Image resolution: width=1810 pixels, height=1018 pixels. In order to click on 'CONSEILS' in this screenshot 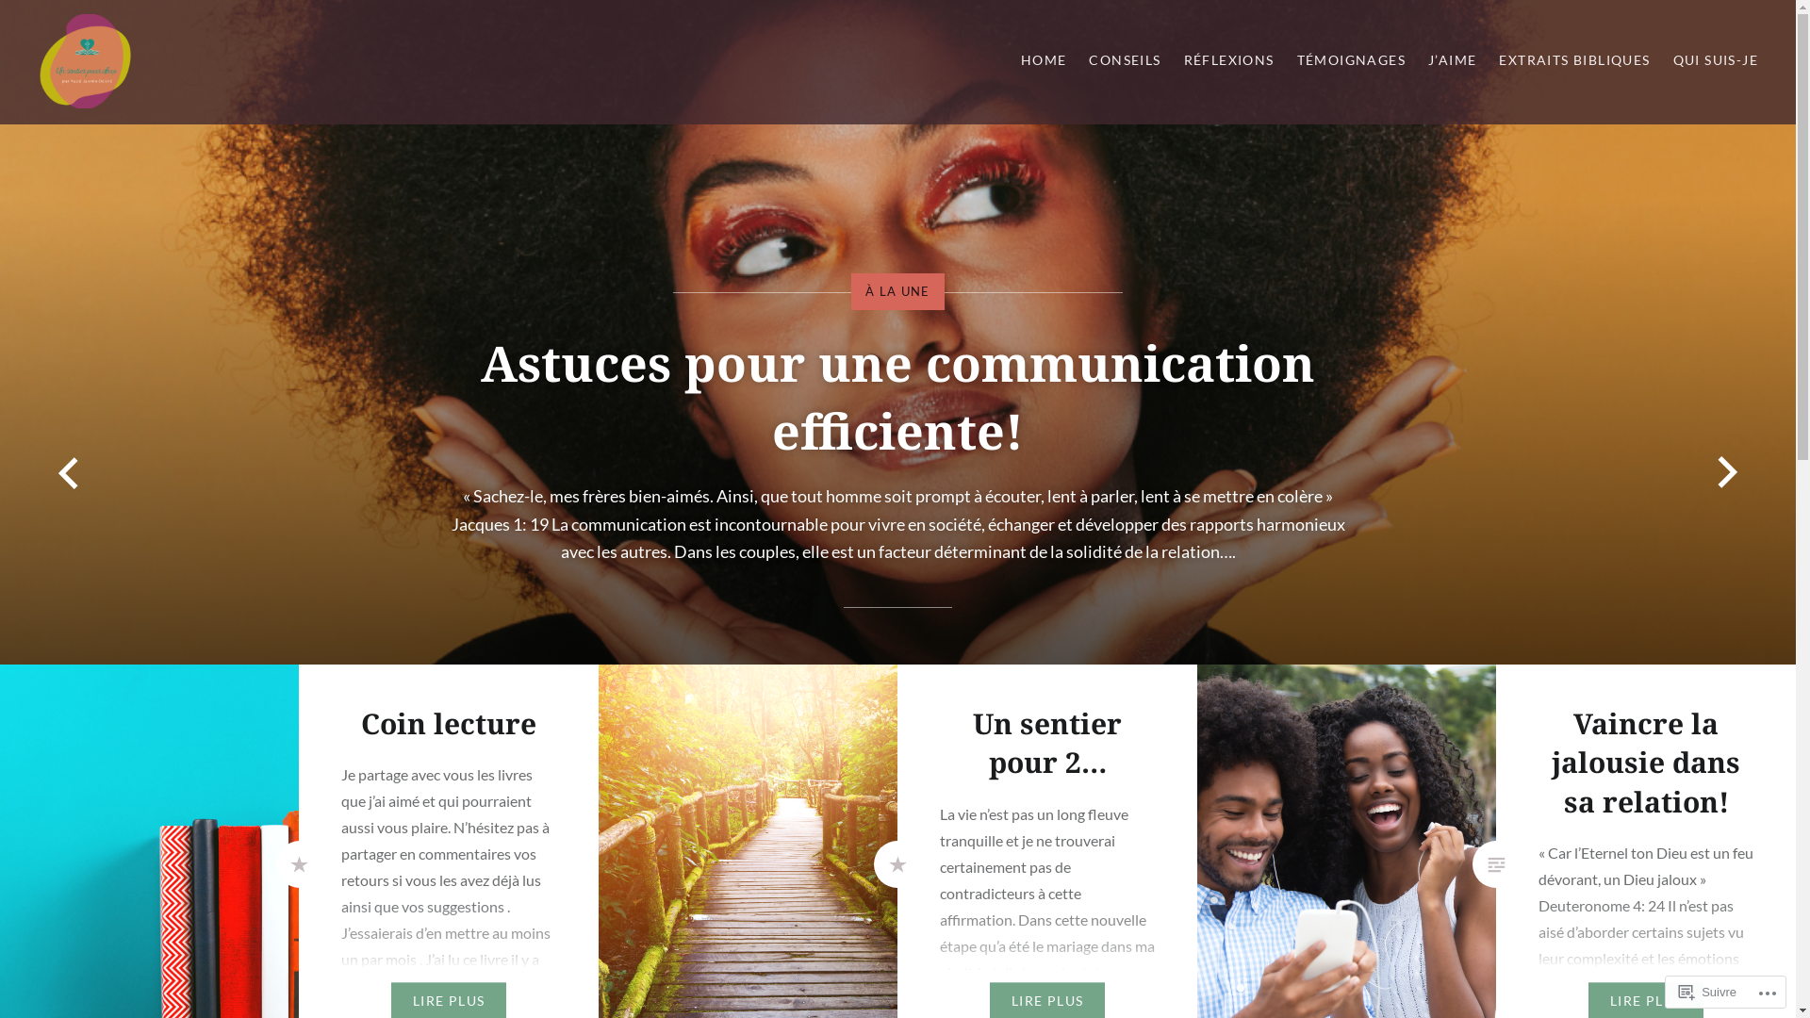, I will do `click(1125, 59)`.